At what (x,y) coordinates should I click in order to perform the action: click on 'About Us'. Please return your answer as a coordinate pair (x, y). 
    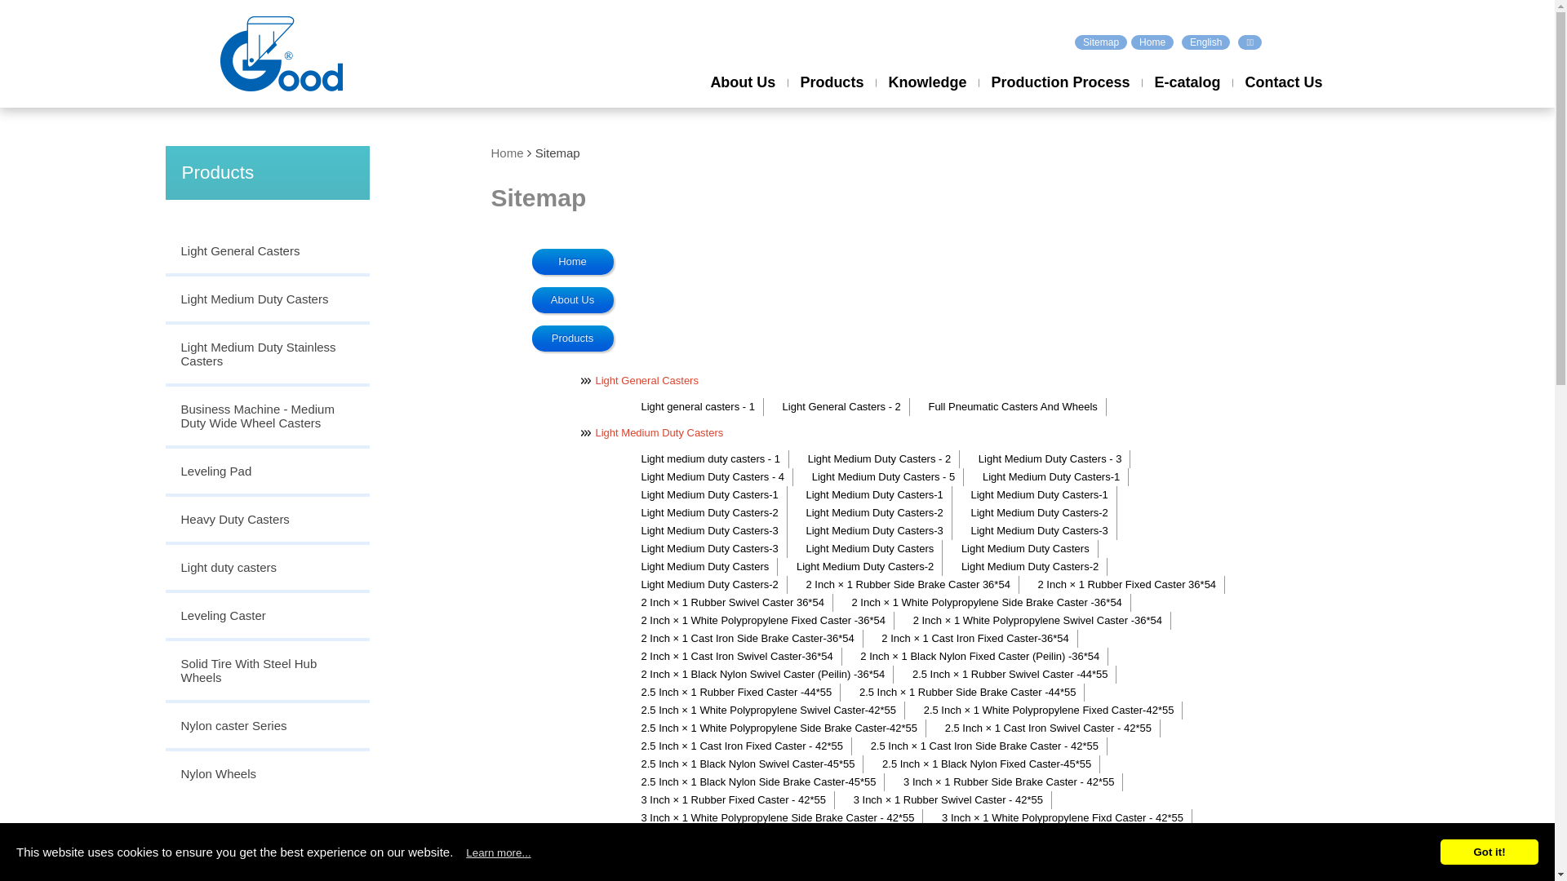
    Looking at the image, I should click on (572, 299).